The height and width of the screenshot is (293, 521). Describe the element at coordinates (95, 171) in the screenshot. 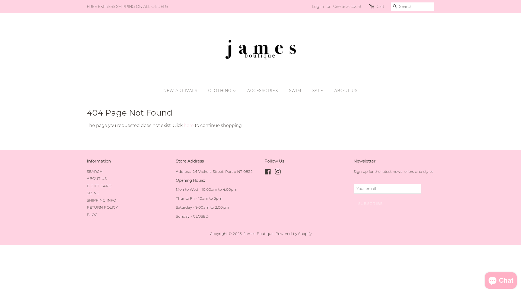

I see `'SEARCH'` at that location.